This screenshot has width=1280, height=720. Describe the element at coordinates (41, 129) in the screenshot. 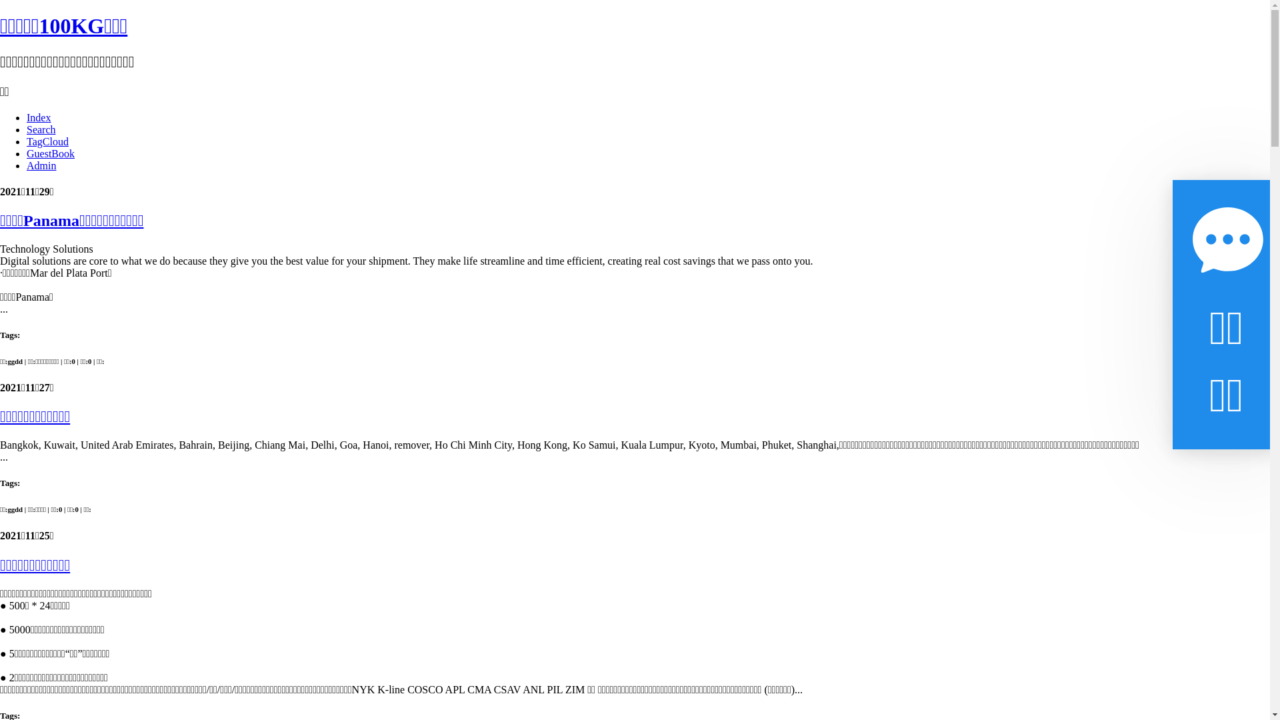

I see `'Search'` at that location.